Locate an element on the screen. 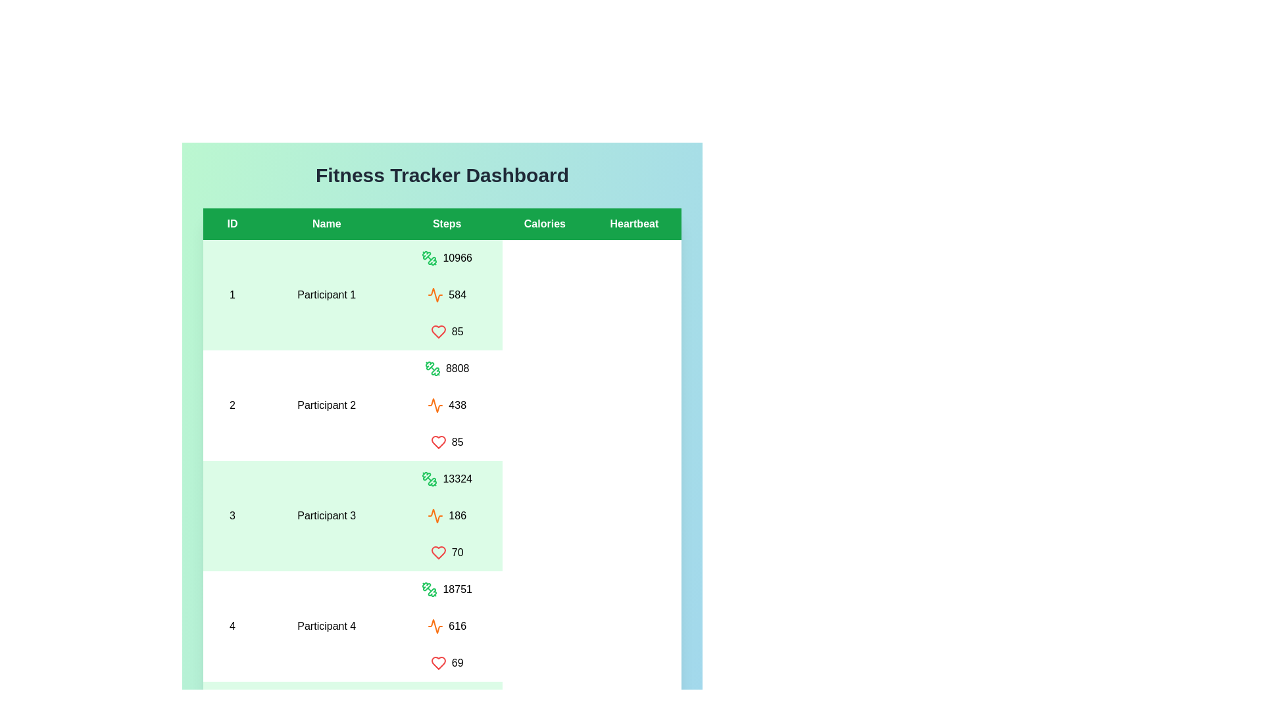 The image size is (1263, 710). the row corresponding to participant 4 is located at coordinates (442, 625).